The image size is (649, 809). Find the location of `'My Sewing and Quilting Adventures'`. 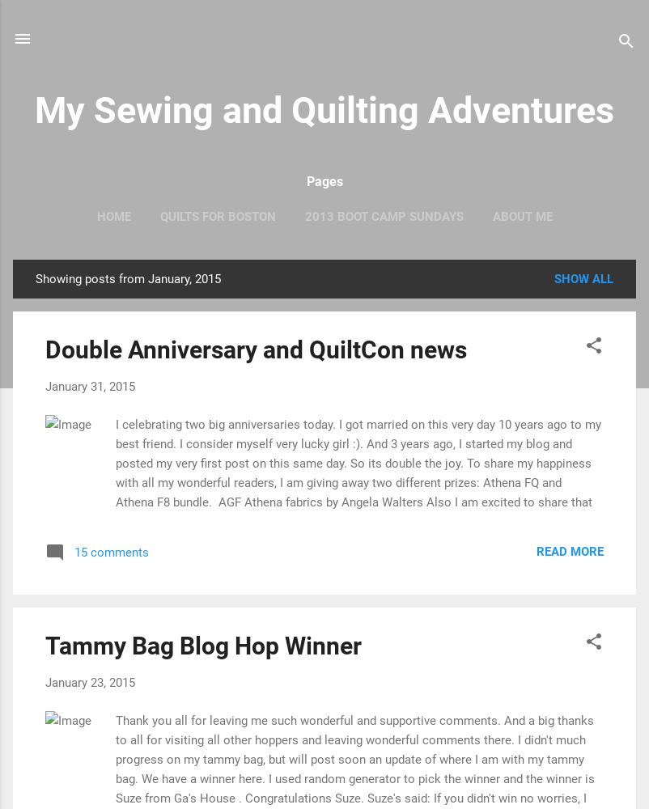

'My Sewing and Quilting Adventures' is located at coordinates (324, 110).